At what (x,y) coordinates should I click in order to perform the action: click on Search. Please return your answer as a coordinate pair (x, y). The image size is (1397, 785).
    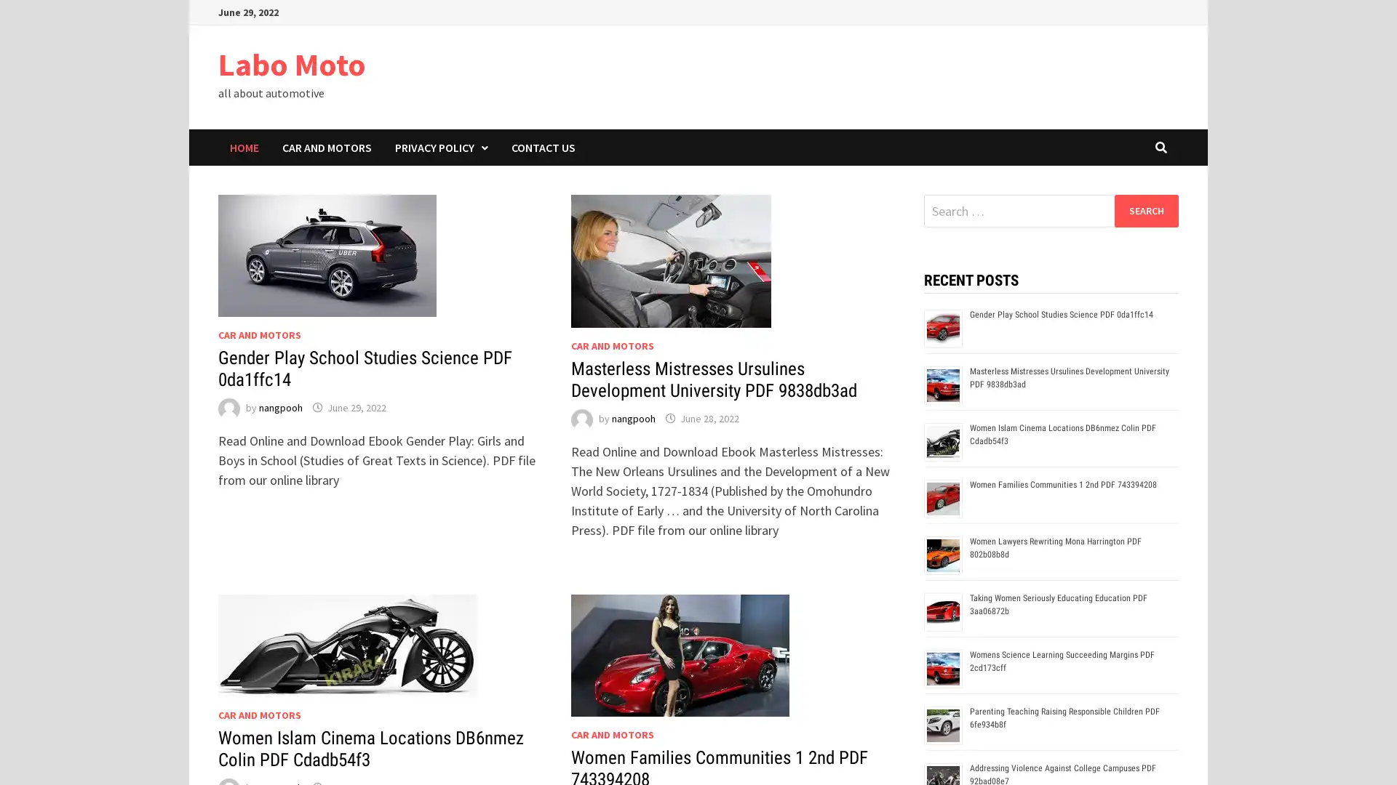
    Looking at the image, I should click on (1145, 210).